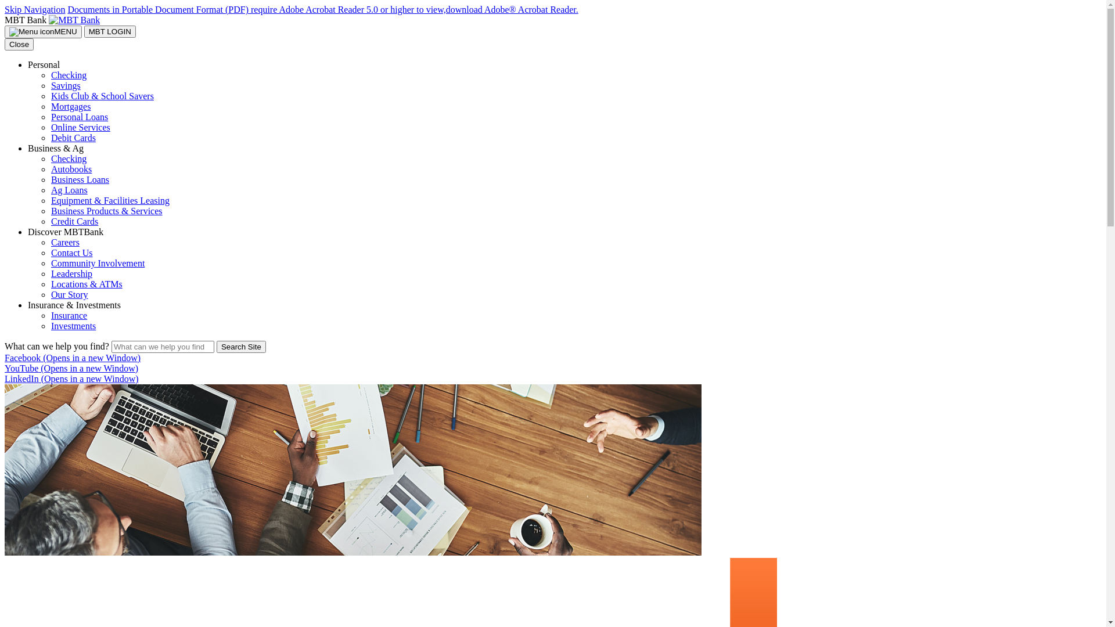  What do you see at coordinates (71, 273) in the screenshot?
I see `'Leadership'` at bounding box center [71, 273].